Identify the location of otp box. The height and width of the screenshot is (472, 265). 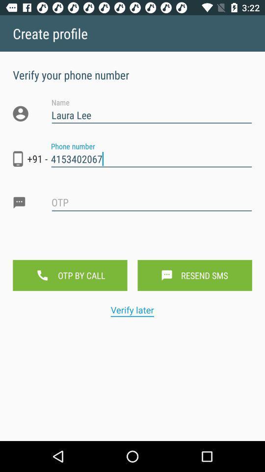
(152, 210).